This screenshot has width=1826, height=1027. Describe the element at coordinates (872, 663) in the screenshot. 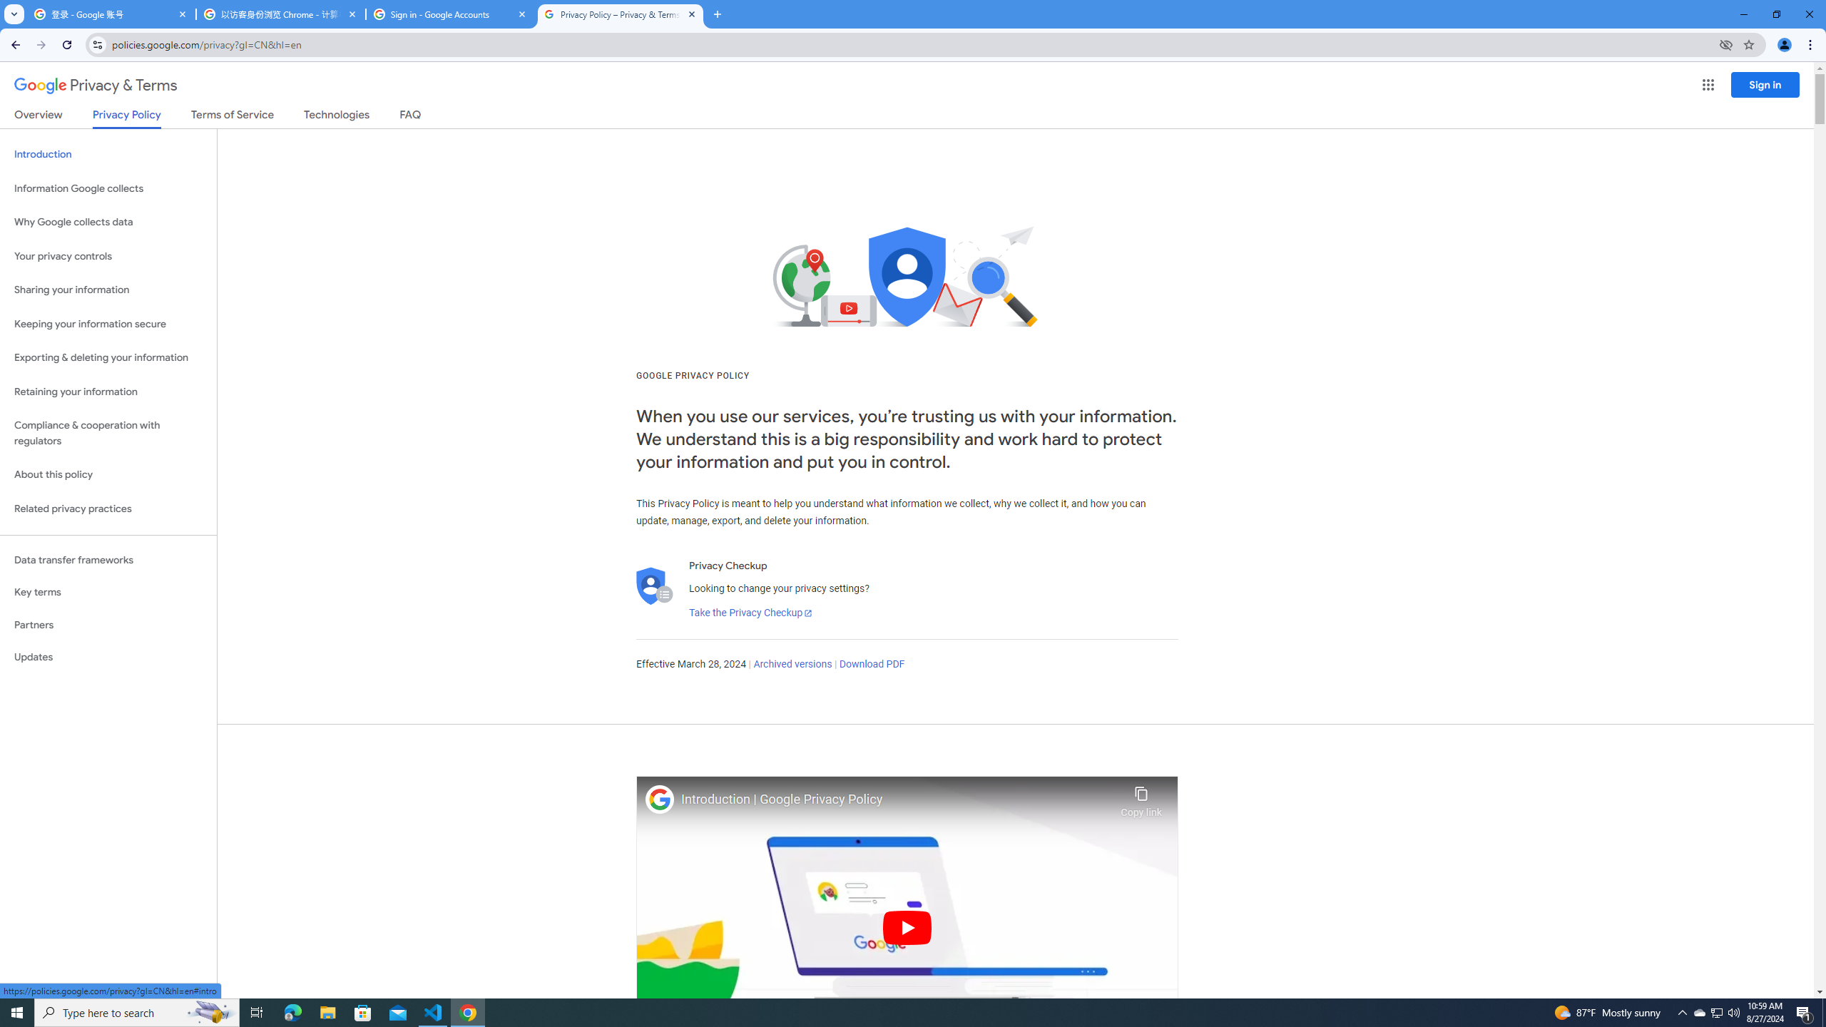

I see `'Download PDF'` at that location.